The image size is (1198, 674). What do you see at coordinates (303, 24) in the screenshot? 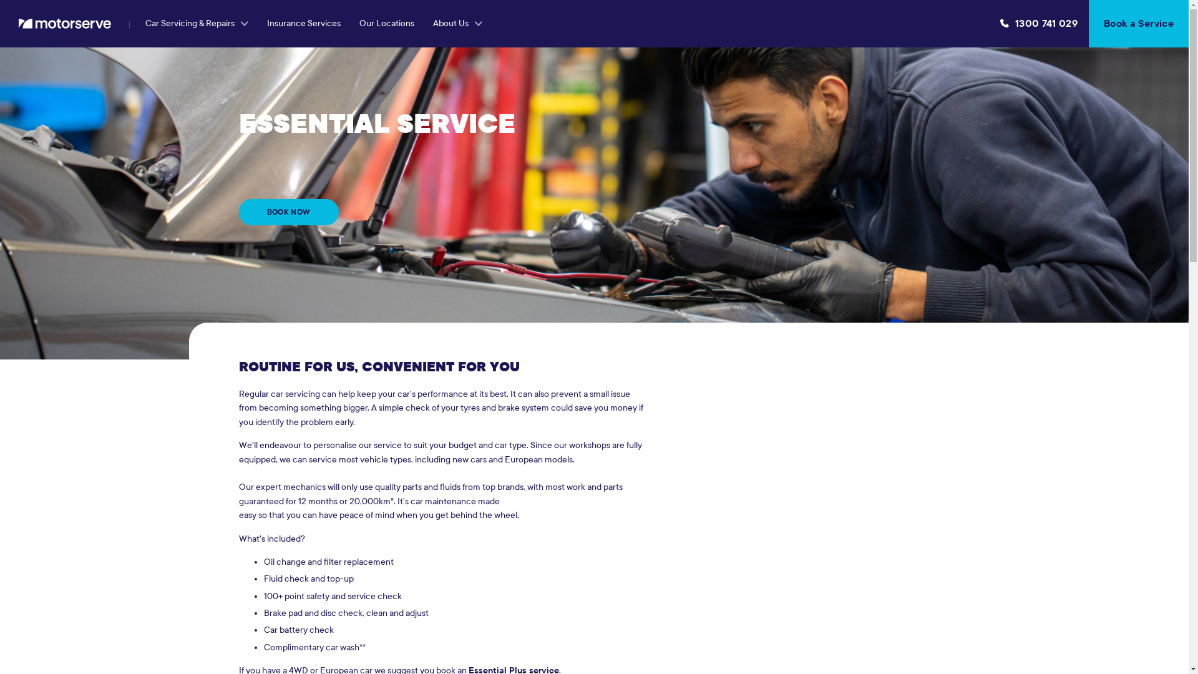
I see `'Insurance Services'` at bounding box center [303, 24].